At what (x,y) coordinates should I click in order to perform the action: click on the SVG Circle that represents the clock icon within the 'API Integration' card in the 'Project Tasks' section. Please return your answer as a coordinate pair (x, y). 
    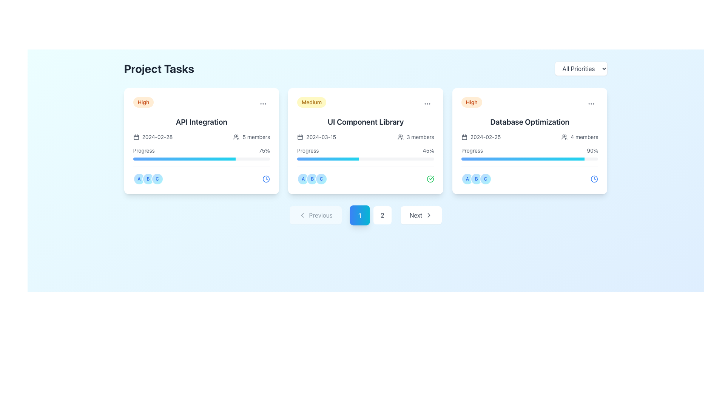
    Looking at the image, I should click on (266, 179).